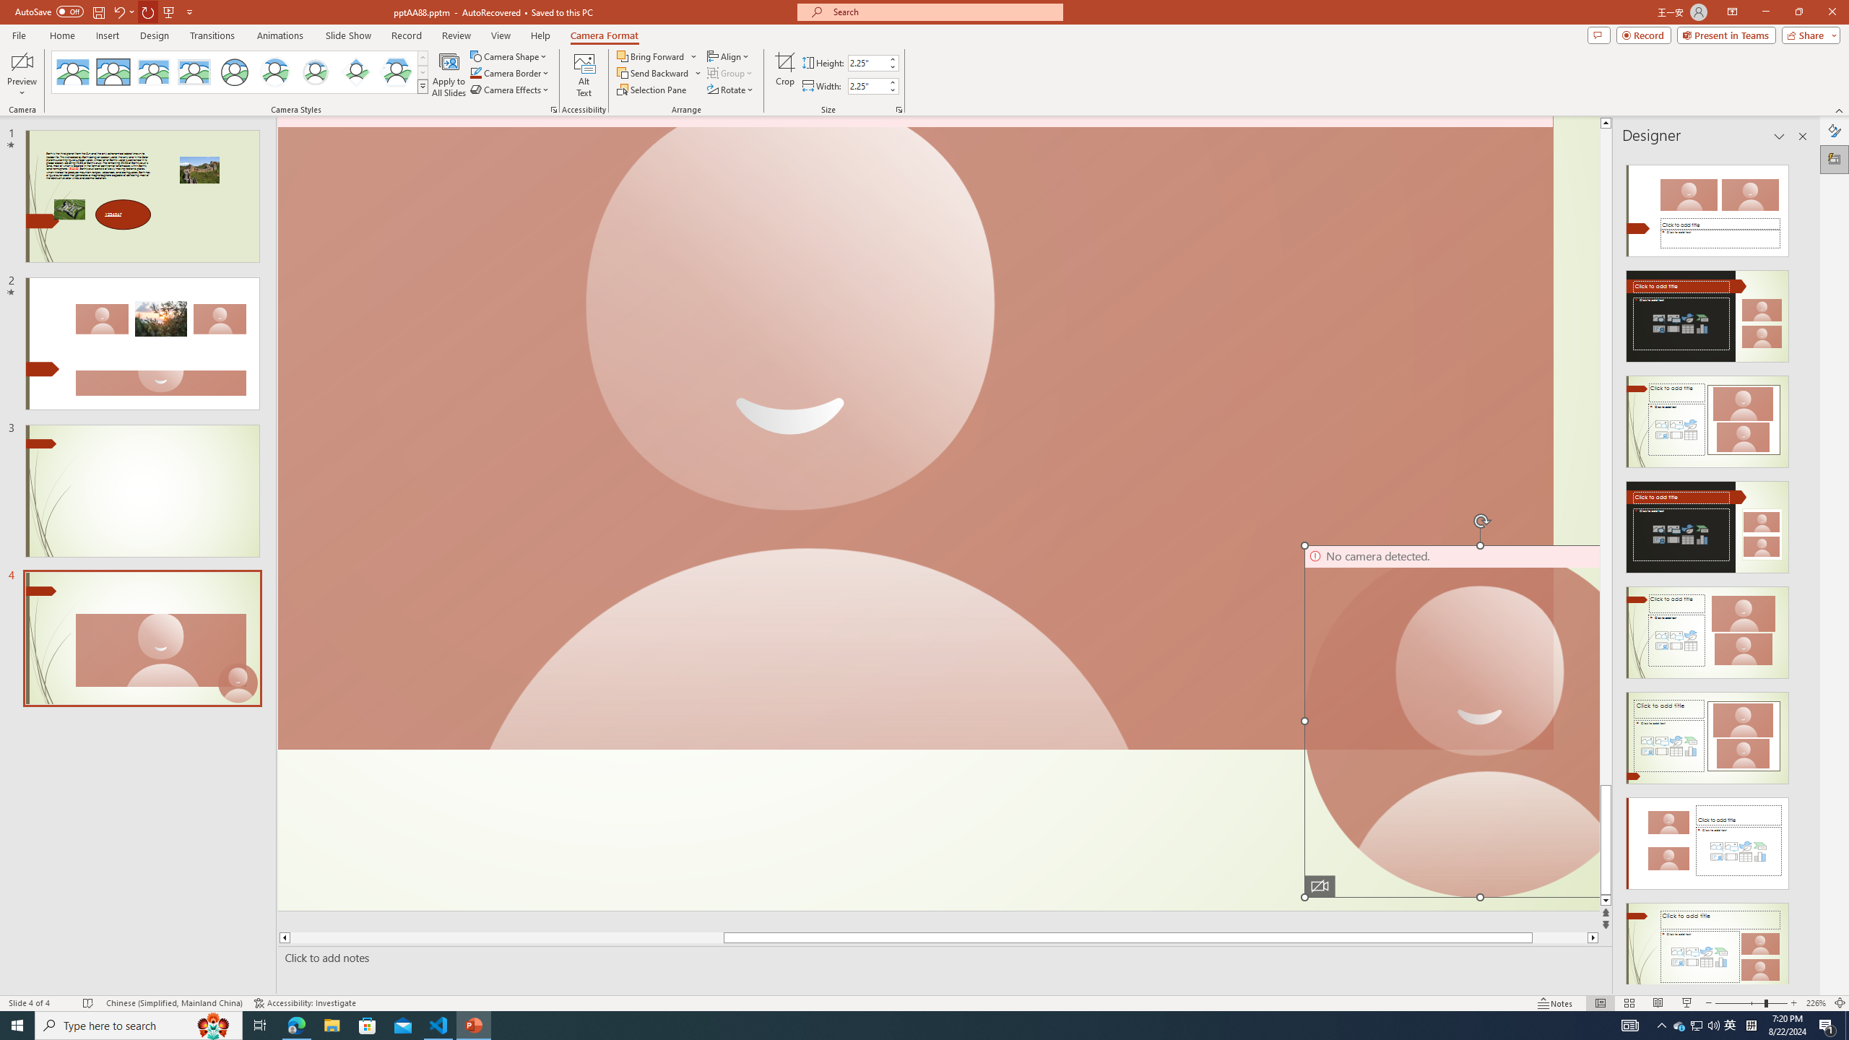 Image resolution: width=1849 pixels, height=1040 pixels. What do you see at coordinates (239, 71) in the screenshot?
I see `'AutomationID: CameoStylesGallery'` at bounding box center [239, 71].